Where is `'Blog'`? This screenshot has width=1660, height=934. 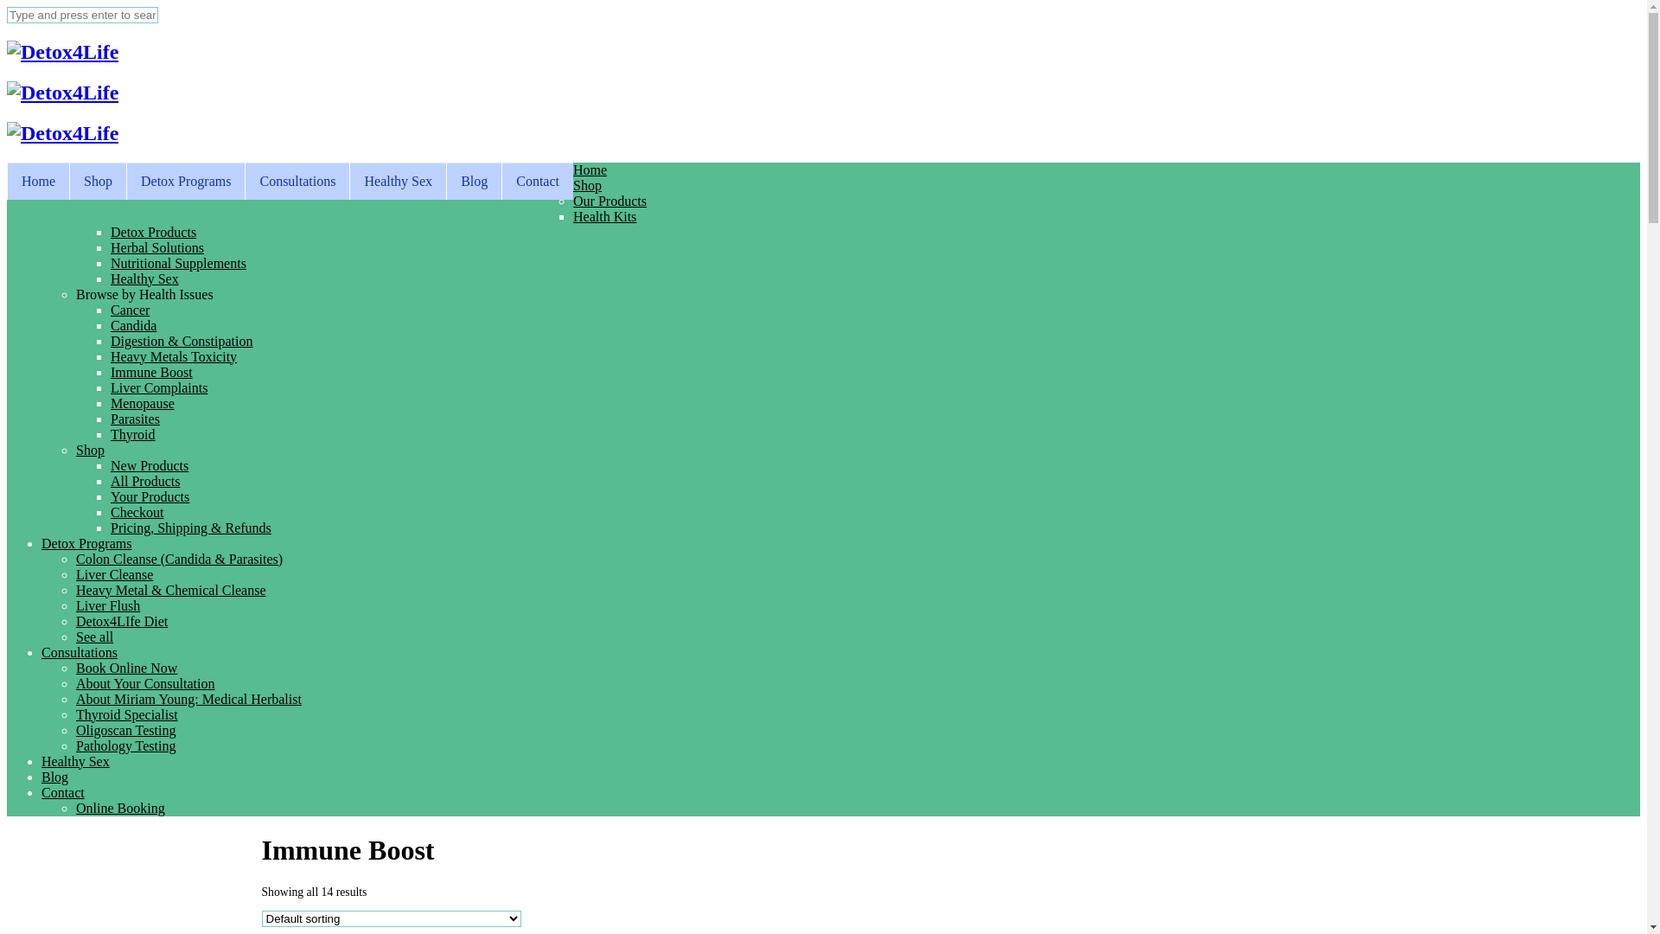
'Blog' is located at coordinates (54, 776).